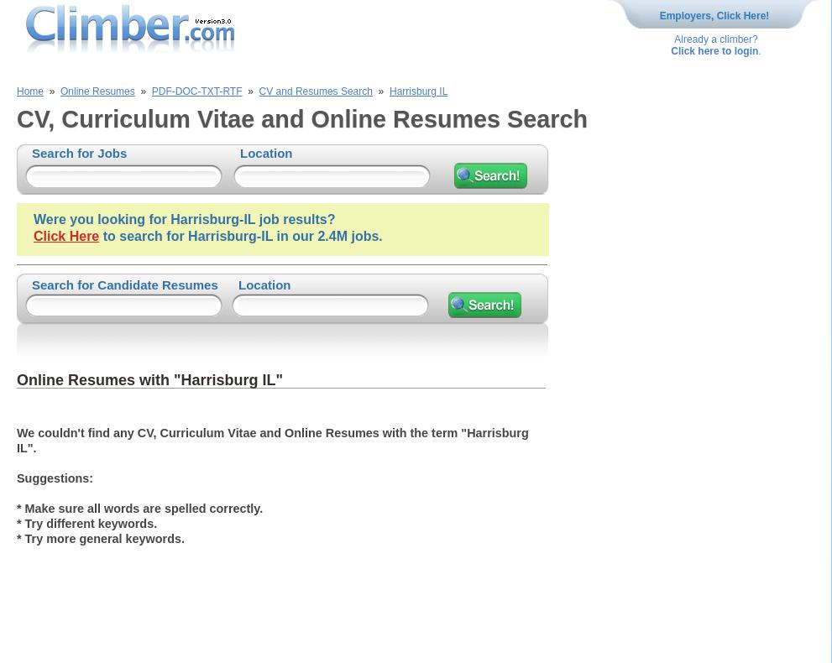 The height and width of the screenshot is (663, 832). What do you see at coordinates (713, 50) in the screenshot?
I see `'Click here to login'` at bounding box center [713, 50].